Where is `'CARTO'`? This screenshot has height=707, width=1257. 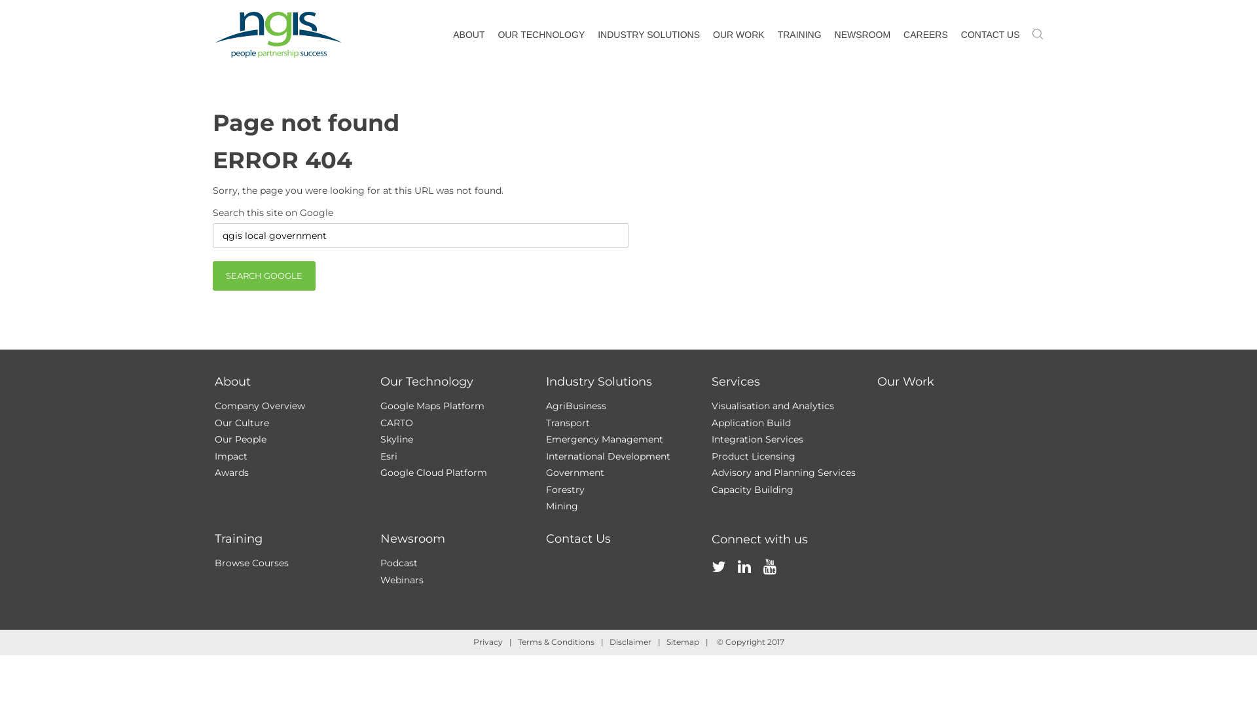 'CARTO' is located at coordinates (379, 422).